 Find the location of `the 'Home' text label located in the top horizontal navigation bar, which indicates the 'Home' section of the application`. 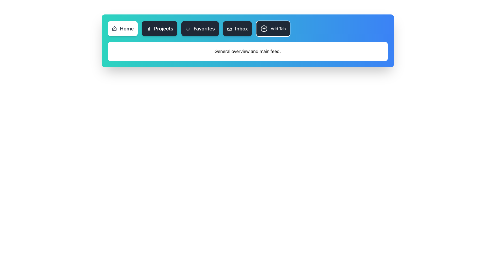

the 'Home' text label located in the top horizontal navigation bar, which indicates the 'Home' section of the application is located at coordinates (127, 28).